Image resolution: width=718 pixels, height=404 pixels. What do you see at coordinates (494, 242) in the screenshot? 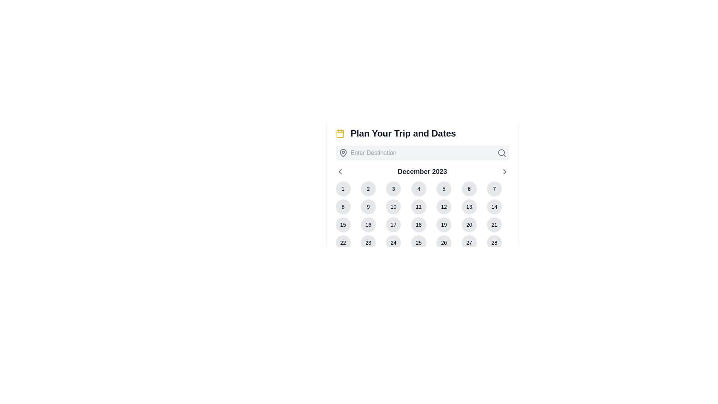
I see `the button` at bounding box center [494, 242].